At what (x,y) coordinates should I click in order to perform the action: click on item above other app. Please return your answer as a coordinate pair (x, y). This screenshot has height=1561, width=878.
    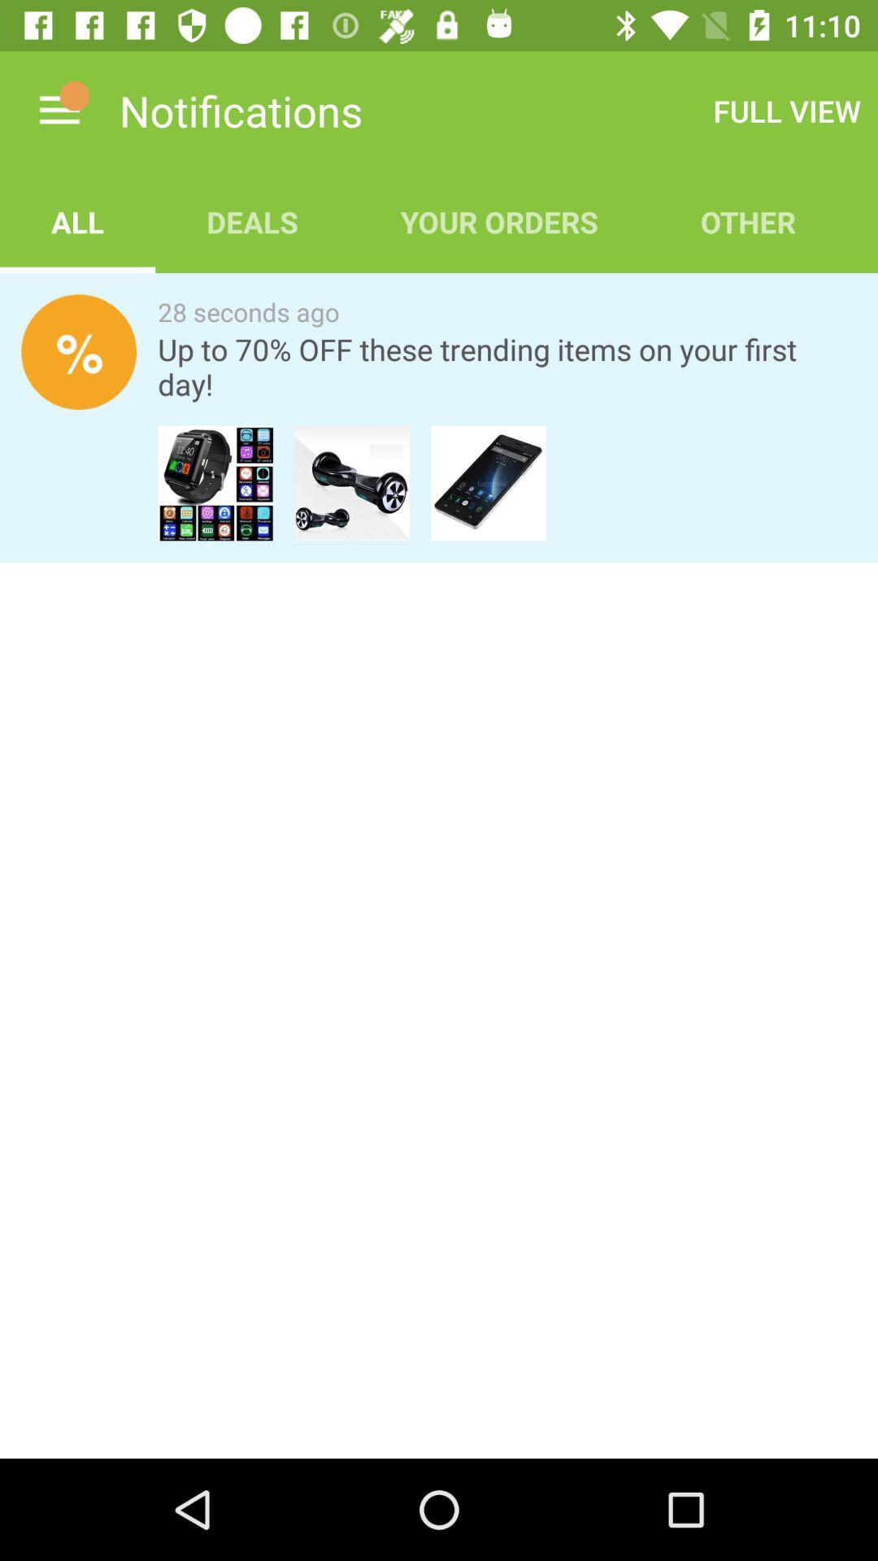
    Looking at the image, I should click on (786, 110).